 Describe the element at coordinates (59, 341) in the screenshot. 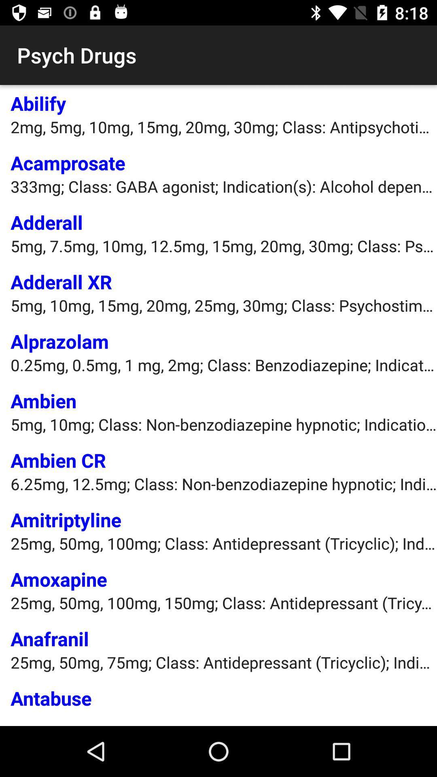

I see `alprazolam item` at that location.